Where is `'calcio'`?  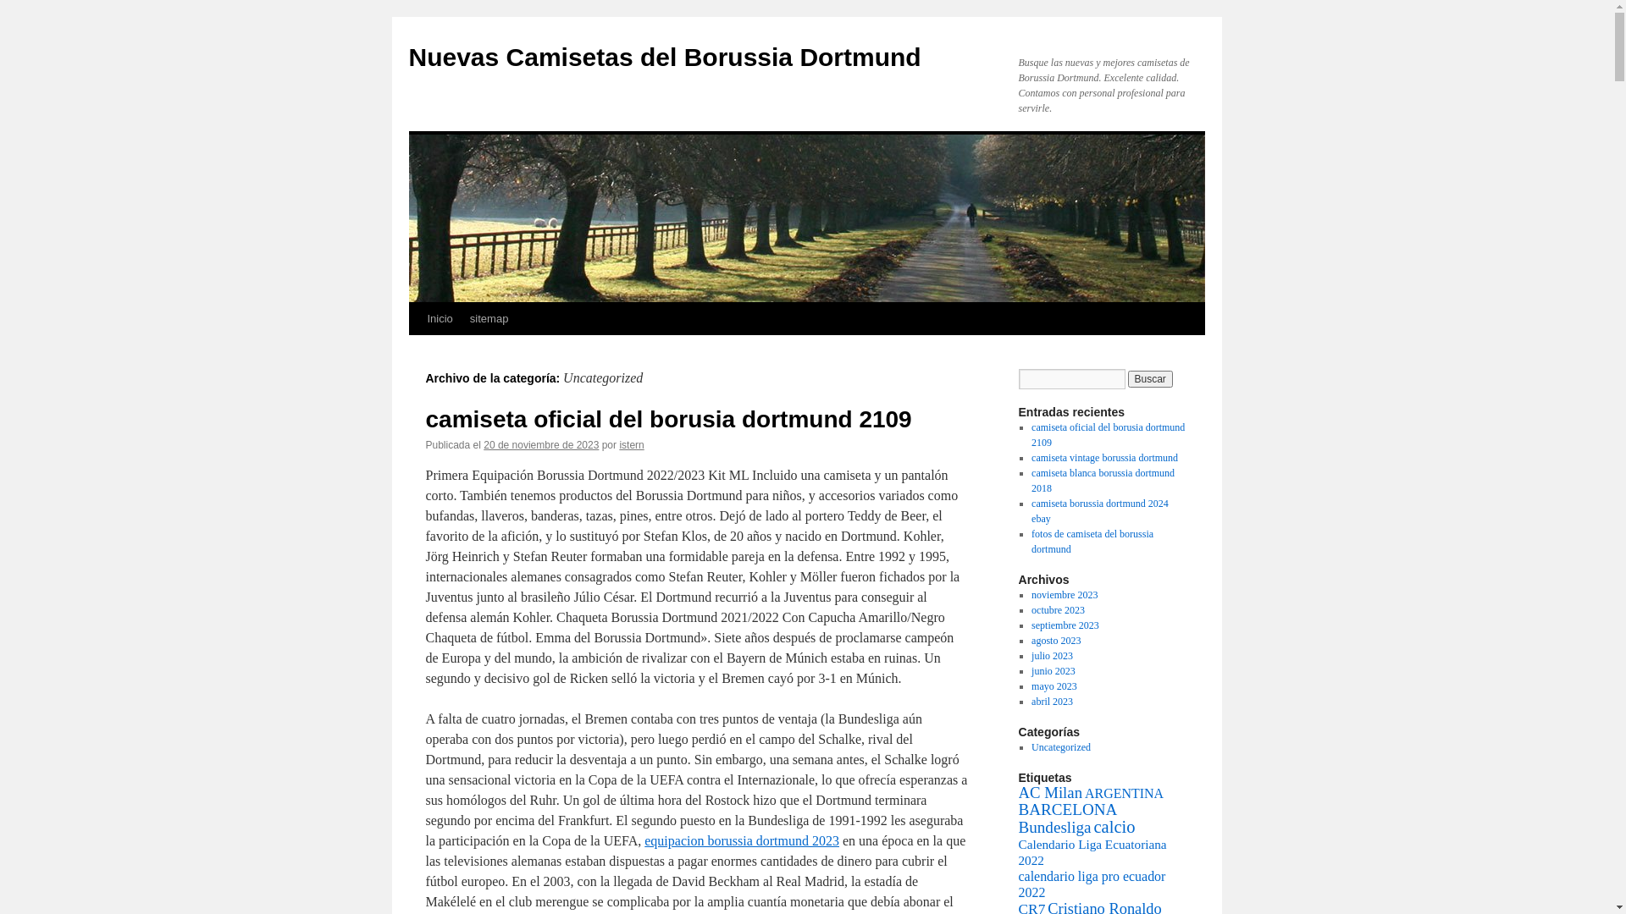 'calcio' is located at coordinates (1114, 825).